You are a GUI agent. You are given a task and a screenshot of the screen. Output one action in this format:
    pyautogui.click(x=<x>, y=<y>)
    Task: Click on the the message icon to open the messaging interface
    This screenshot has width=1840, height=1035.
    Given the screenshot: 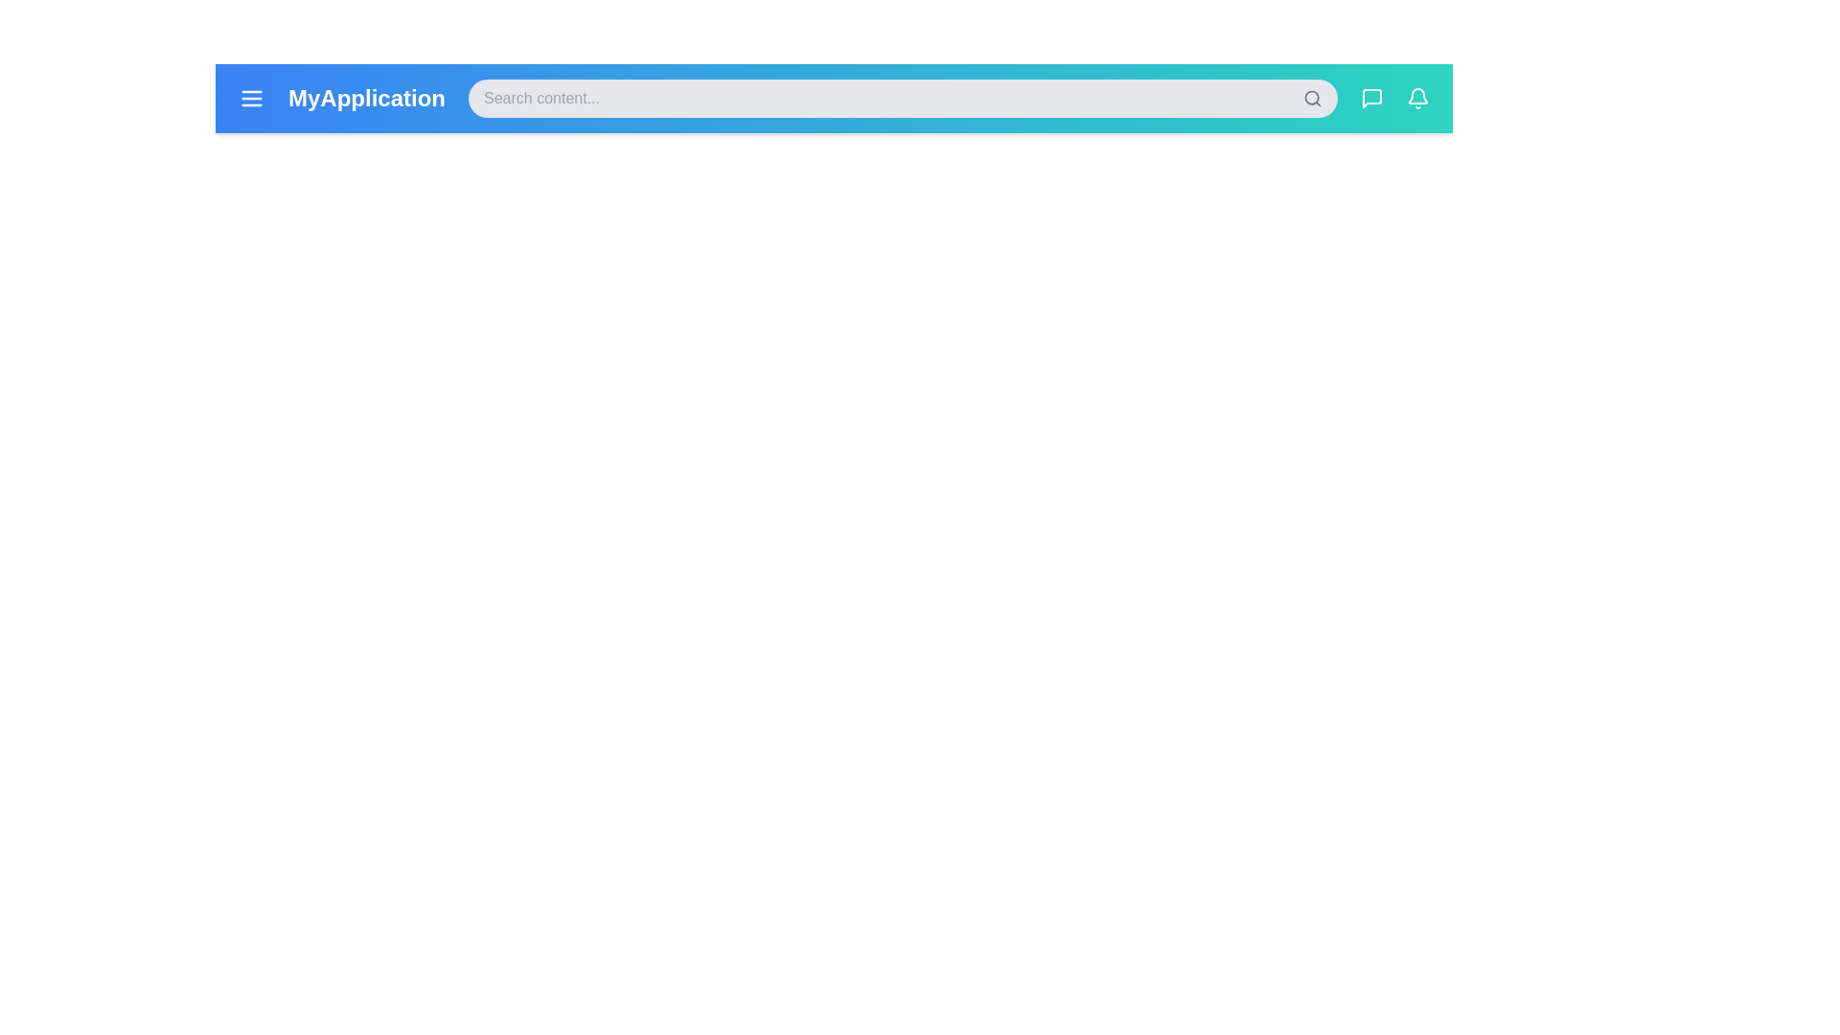 What is the action you would take?
    pyautogui.click(x=1370, y=99)
    